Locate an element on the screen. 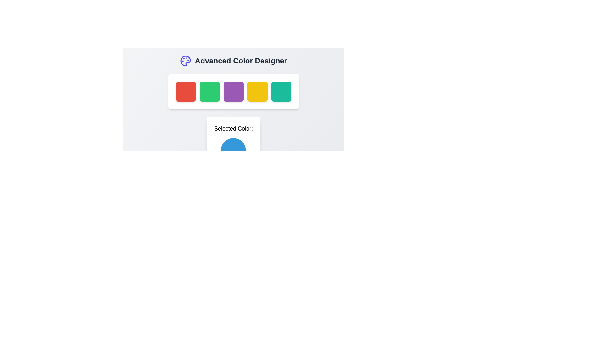  the Text Label that serves as a title or header for the color selection section, located immediately to the right of a purple palette icon is located at coordinates (241, 61).